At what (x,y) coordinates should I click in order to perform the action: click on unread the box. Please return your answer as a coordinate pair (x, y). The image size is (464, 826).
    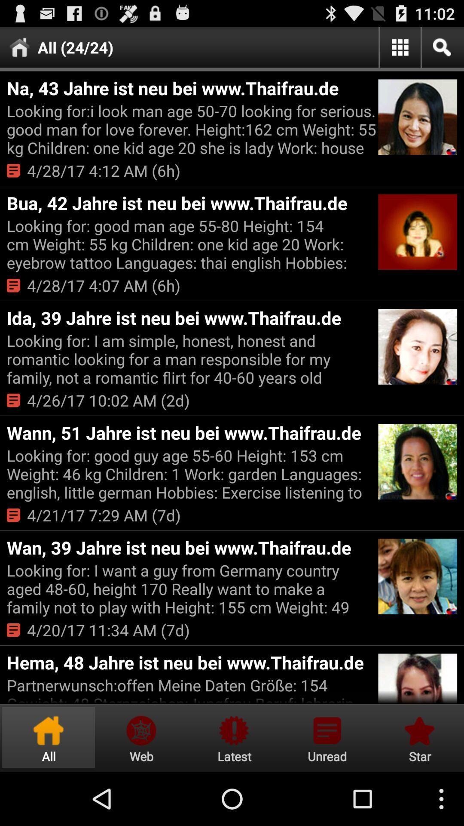
    Looking at the image, I should click on (327, 737).